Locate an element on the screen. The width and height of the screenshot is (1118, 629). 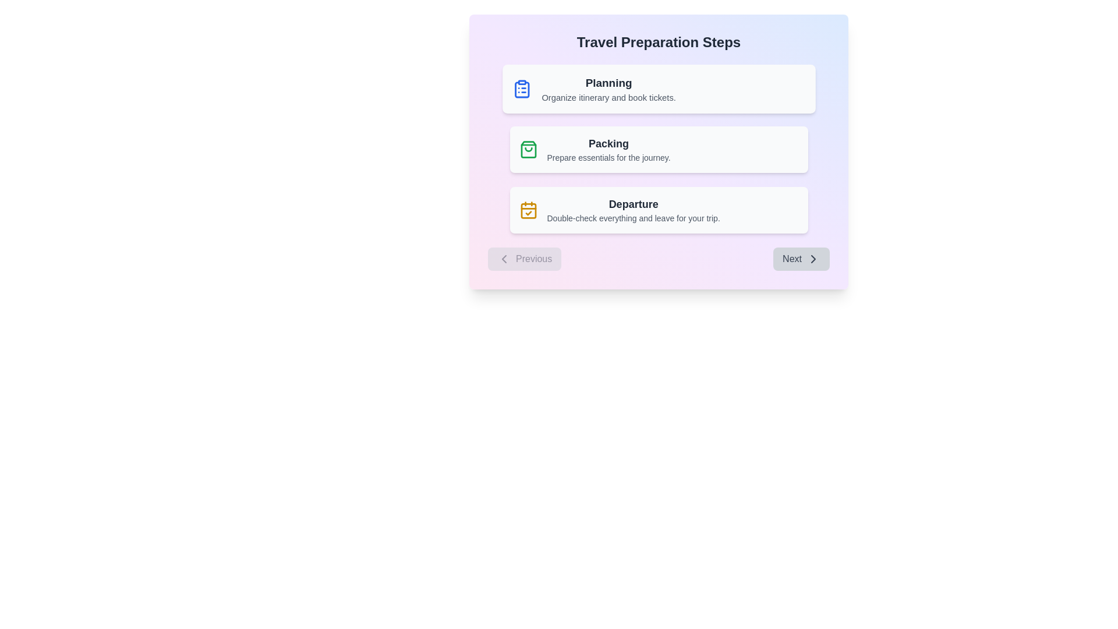
the shopping bag icon's handle vector graphic, which is characterized by a green outline and white background, located in the second step of the 'Travel Preparation Steps' list next to the 'Packing' title is located at coordinates (528, 149).